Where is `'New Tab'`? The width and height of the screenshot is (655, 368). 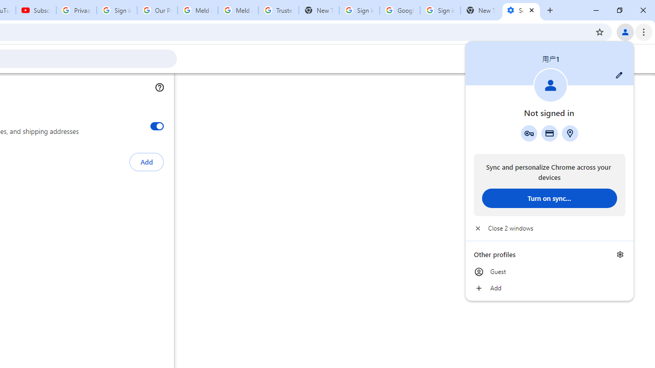
'New Tab' is located at coordinates (480, 10).